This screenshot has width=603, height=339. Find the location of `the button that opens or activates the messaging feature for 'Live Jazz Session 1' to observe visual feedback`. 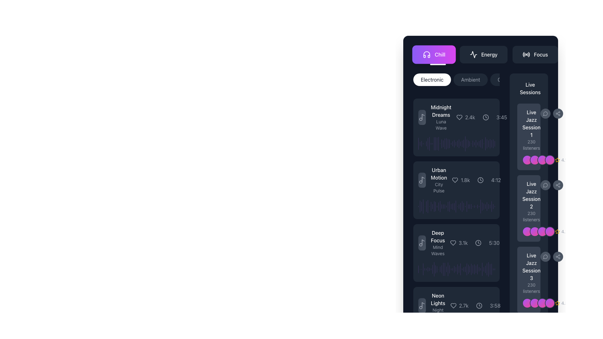

the button that opens or activates the messaging feature for 'Live Jazz Session 1' to observe visual feedback is located at coordinates (545, 114).